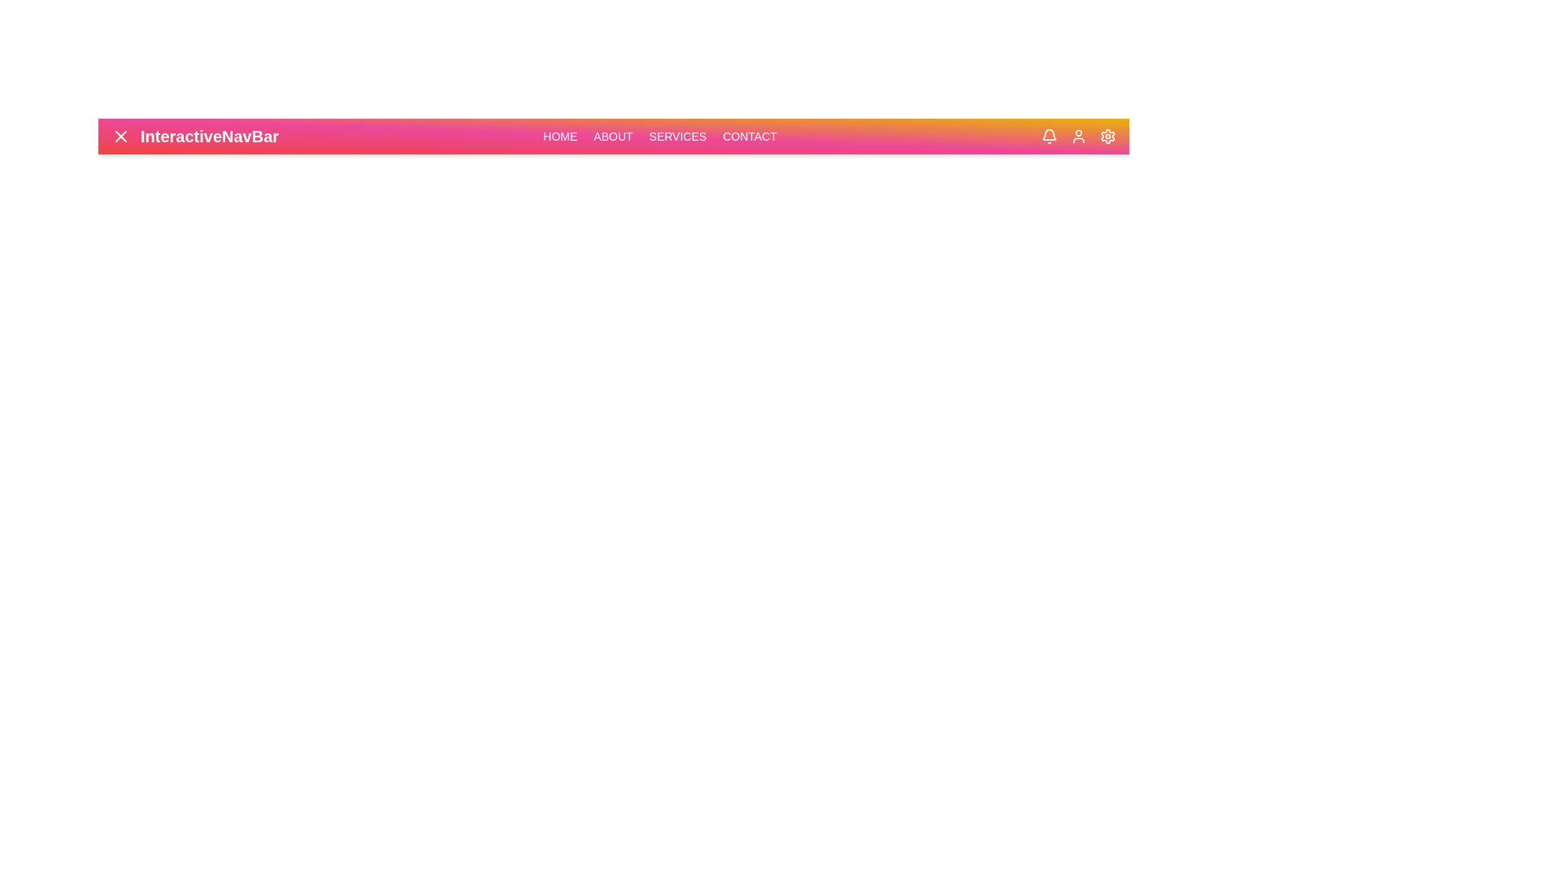  What do you see at coordinates (624, 136) in the screenshot?
I see `the navigation bar to observe its styling` at bounding box center [624, 136].